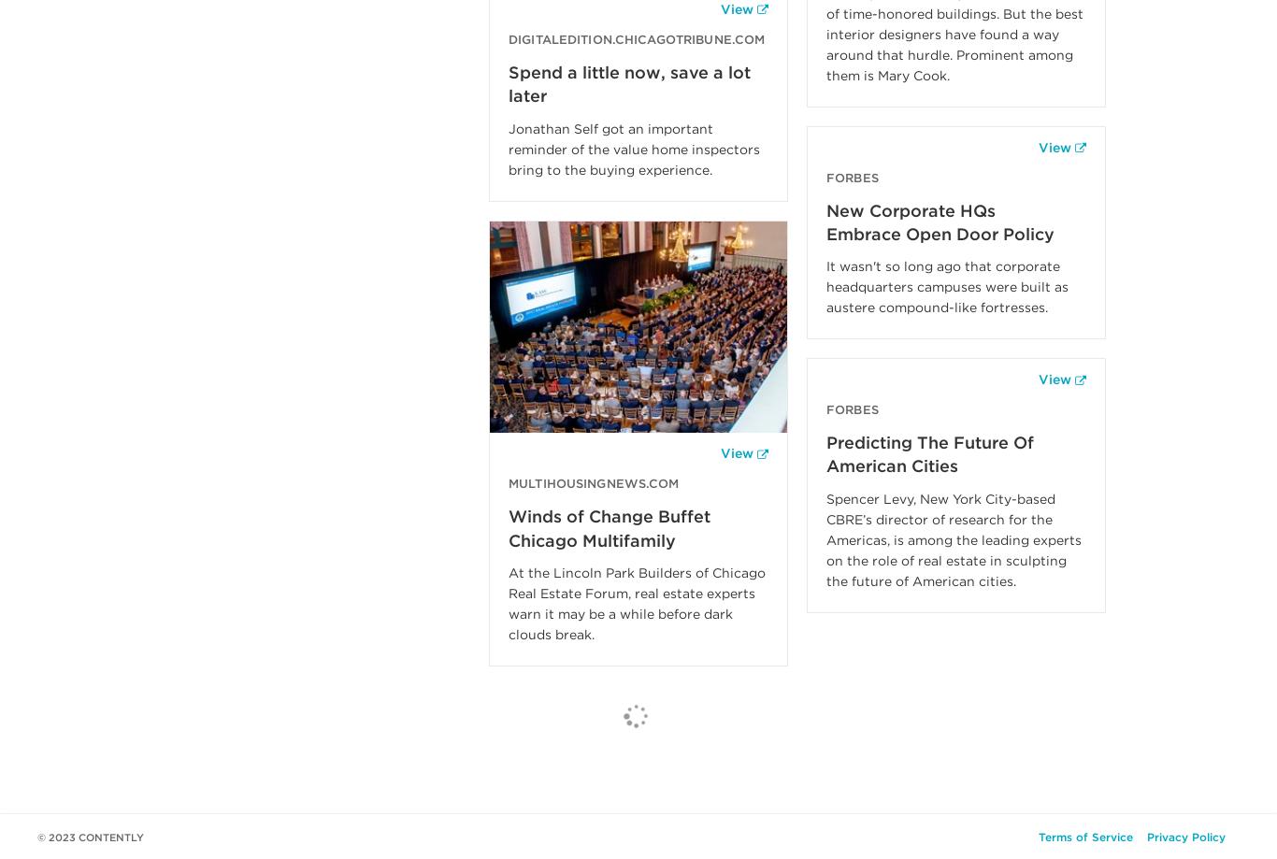  I want to click on 'Jonathan Self got an important reminder of the value home inspectors bring to the buying experience.', so click(508, 147).